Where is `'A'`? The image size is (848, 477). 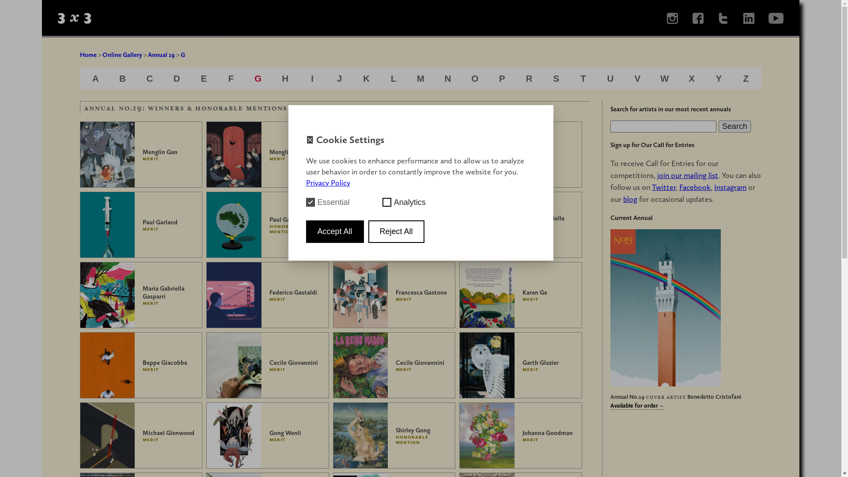
'A' is located at coordinates (95, 78).